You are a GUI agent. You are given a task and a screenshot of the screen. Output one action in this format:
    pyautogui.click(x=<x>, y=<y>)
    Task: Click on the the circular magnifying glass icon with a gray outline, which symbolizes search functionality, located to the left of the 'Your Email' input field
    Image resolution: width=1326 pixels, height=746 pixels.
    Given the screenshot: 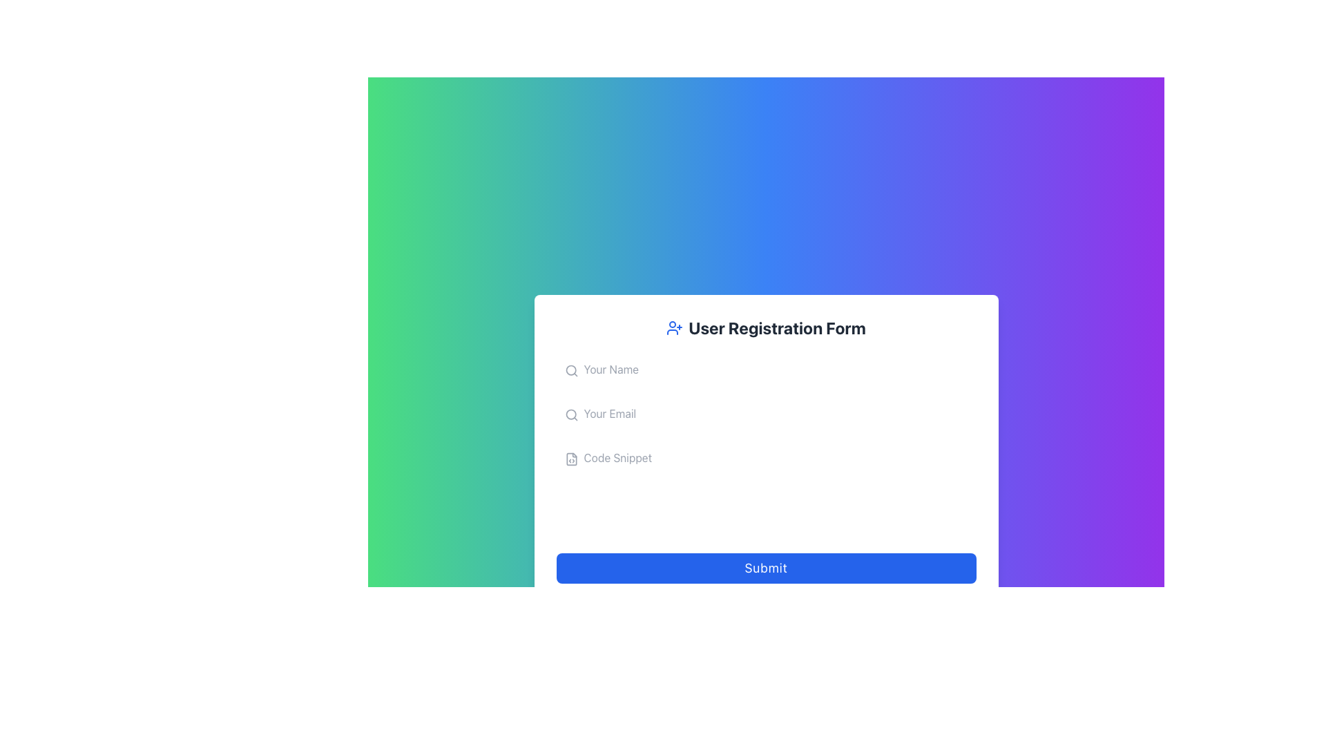 What is the action you would take?
    pyautogui.click(x=571, y=414)
    